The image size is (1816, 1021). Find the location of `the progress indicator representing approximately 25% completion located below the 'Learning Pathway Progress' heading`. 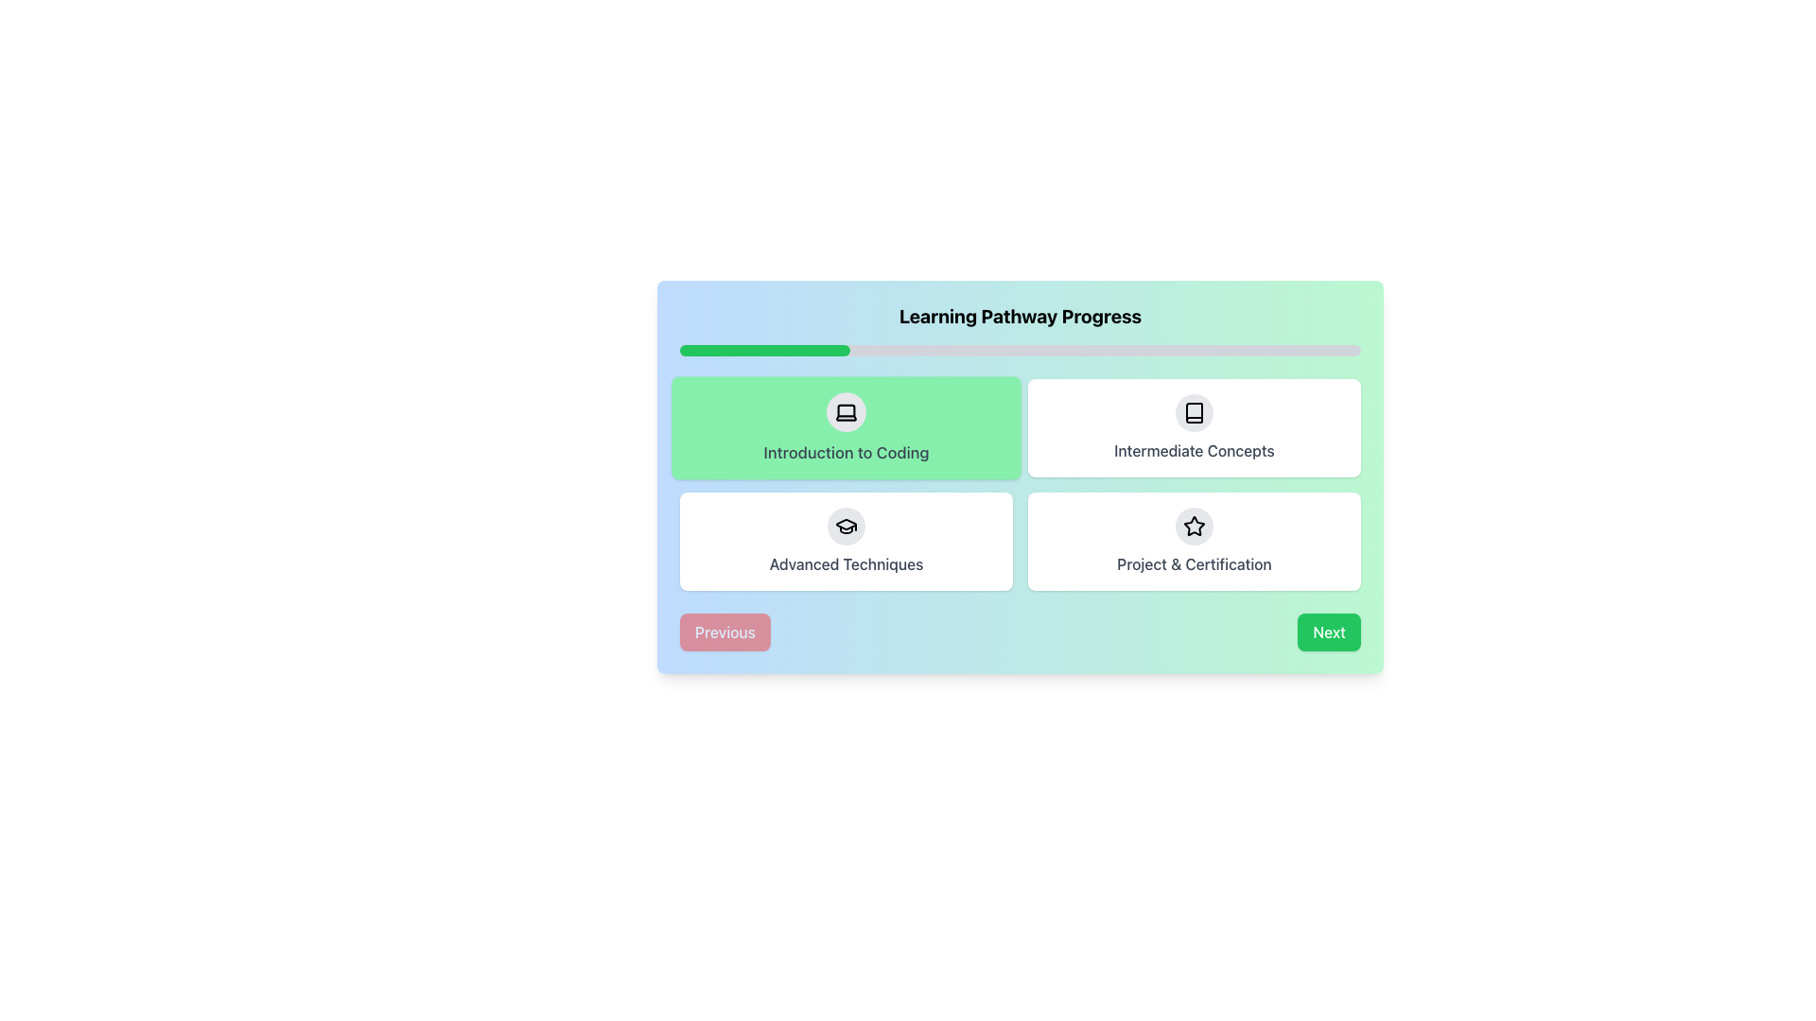

the progress indicator representing approximately 25% completion located below the 'Learning Pathway Progress' heading is located at coordinates (765, 350).